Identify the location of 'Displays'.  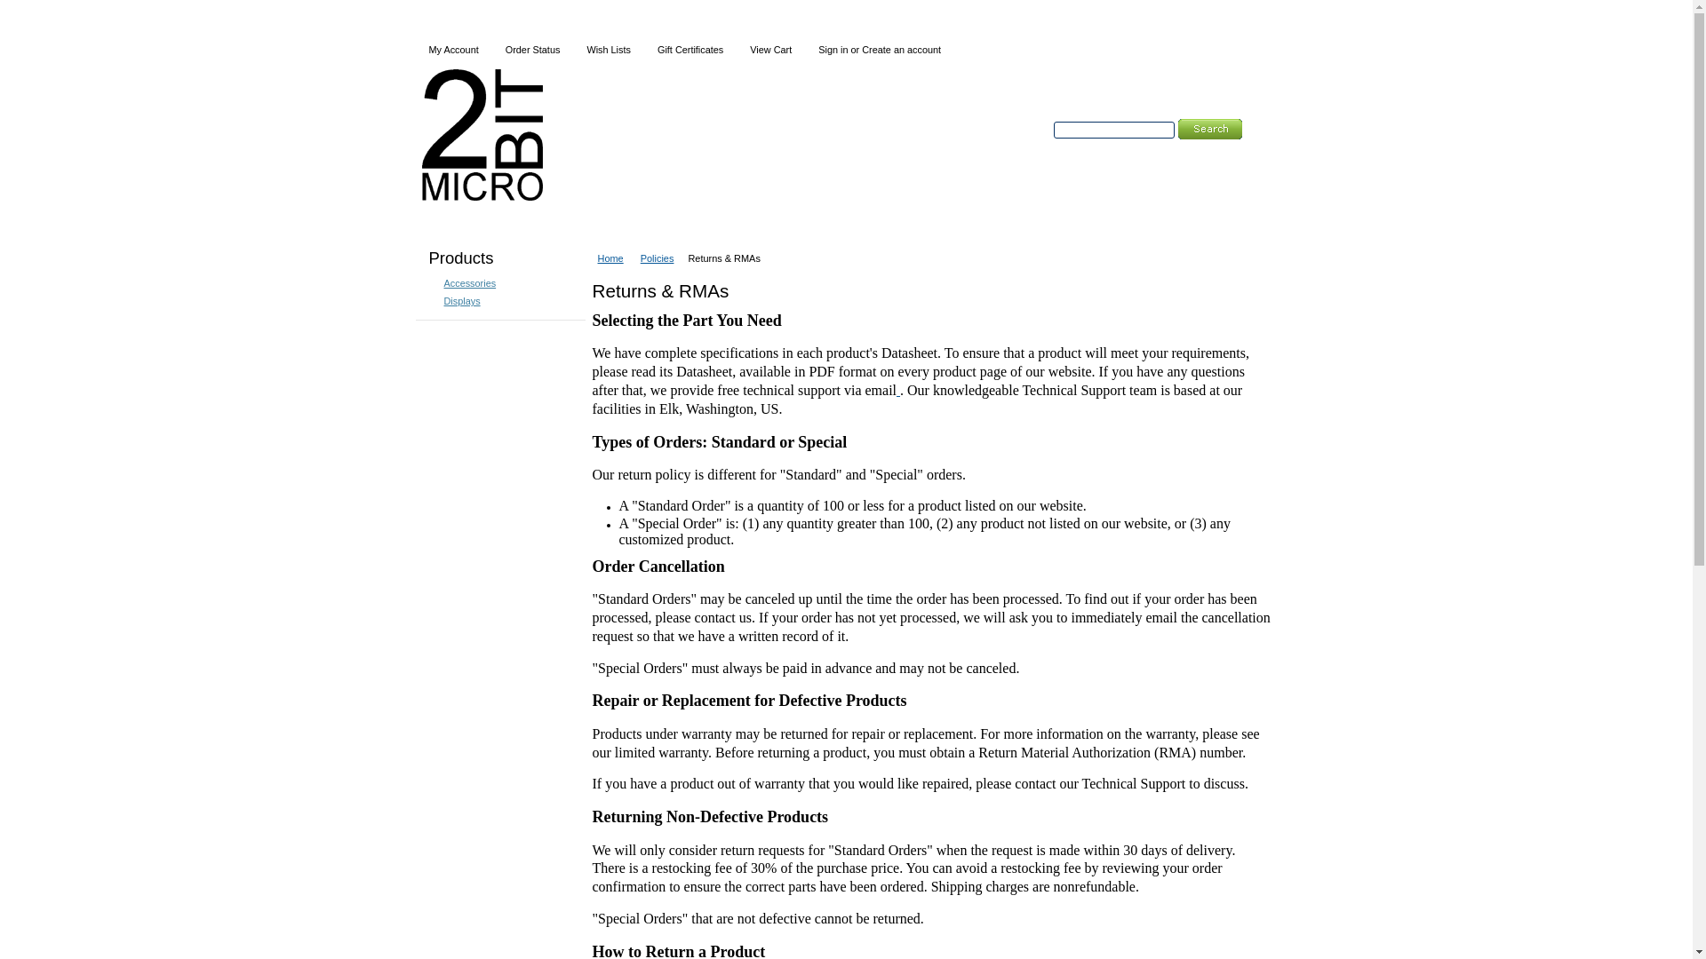
(430, 300).